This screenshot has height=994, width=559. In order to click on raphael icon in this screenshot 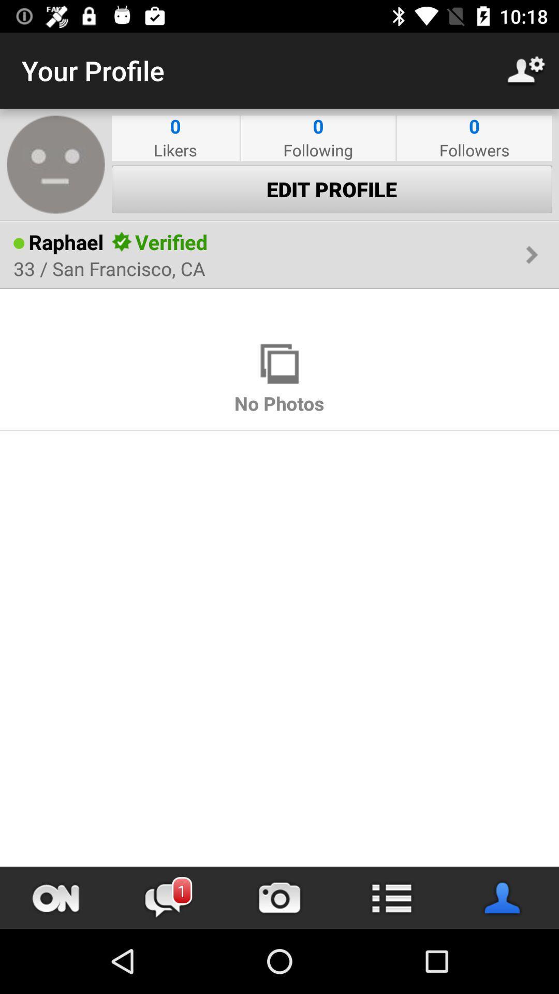, I will do `click(66, 241)`.